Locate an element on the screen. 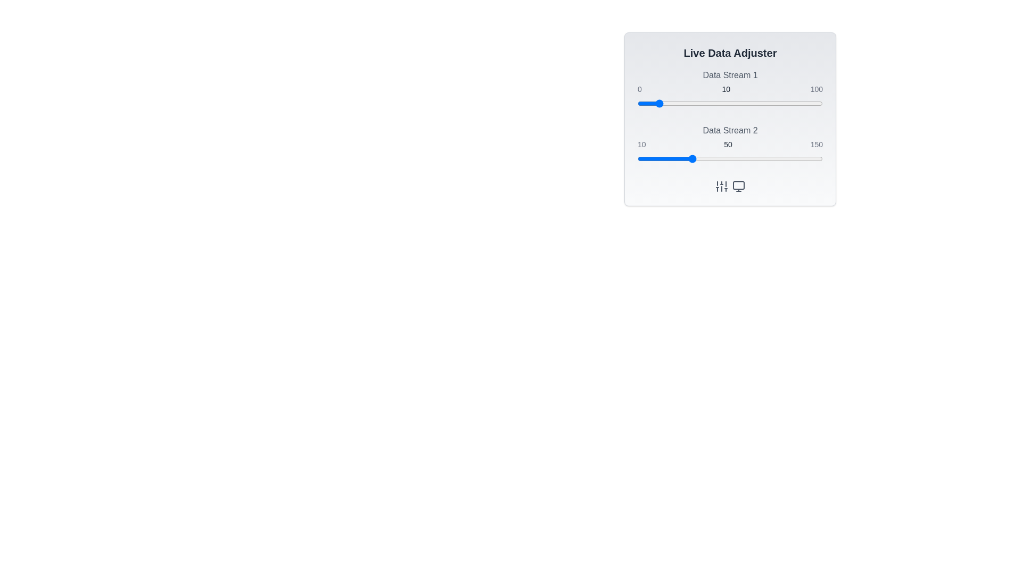  the navigation icon located in the bottom-right portion of the interface, positioned to the right of the sliders icon is located at coordinates (738, 185).